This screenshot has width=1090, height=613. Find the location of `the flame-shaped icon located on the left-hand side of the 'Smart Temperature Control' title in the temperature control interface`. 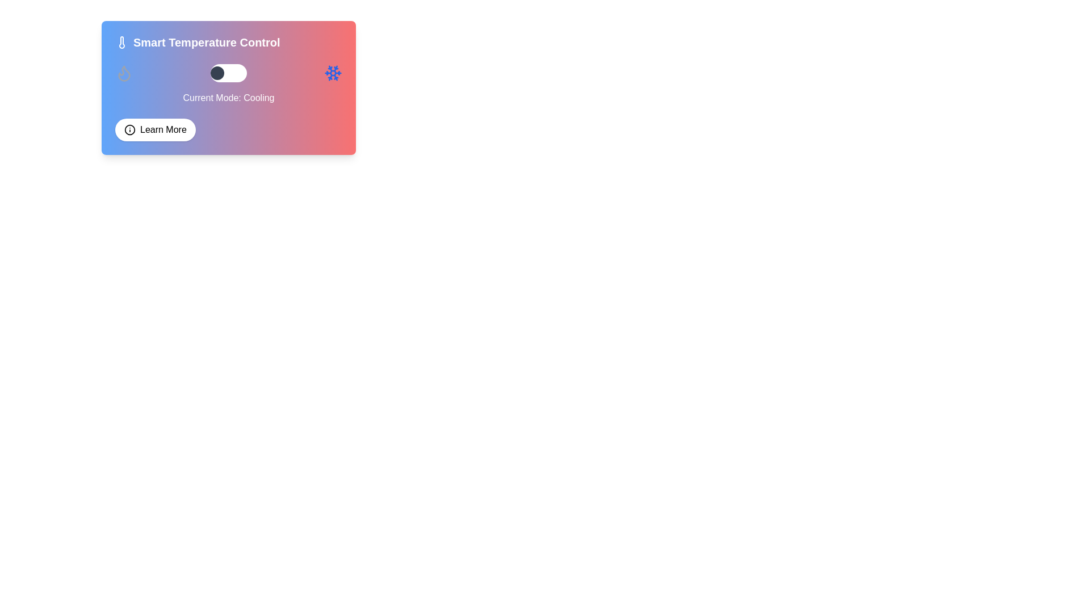

the flame-shaped icon located on the left-hand side of the 'Smart Temperature Control' title in the temperature control interface is located at coordinates (124, 73).